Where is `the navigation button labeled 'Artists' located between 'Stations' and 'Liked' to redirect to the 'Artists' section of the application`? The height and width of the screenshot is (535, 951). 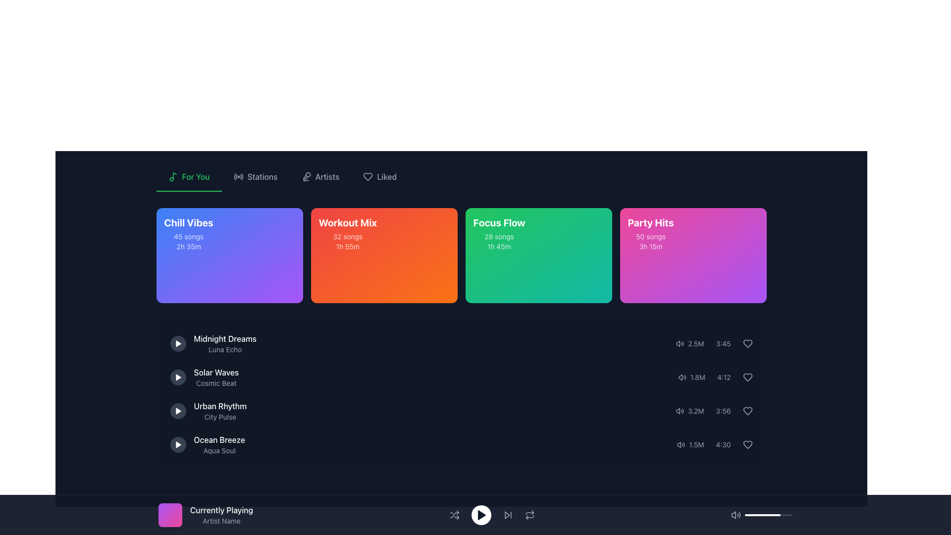
the navigation button labeled 'Artists' located between 'Stations' and 'Liked' to redirect to the 'Artists' section of the application is located at coordinates (320, 177).